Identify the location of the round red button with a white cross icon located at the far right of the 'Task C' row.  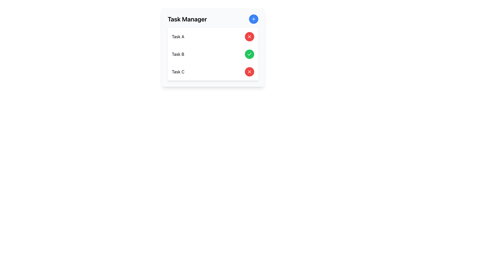
(250, 72).